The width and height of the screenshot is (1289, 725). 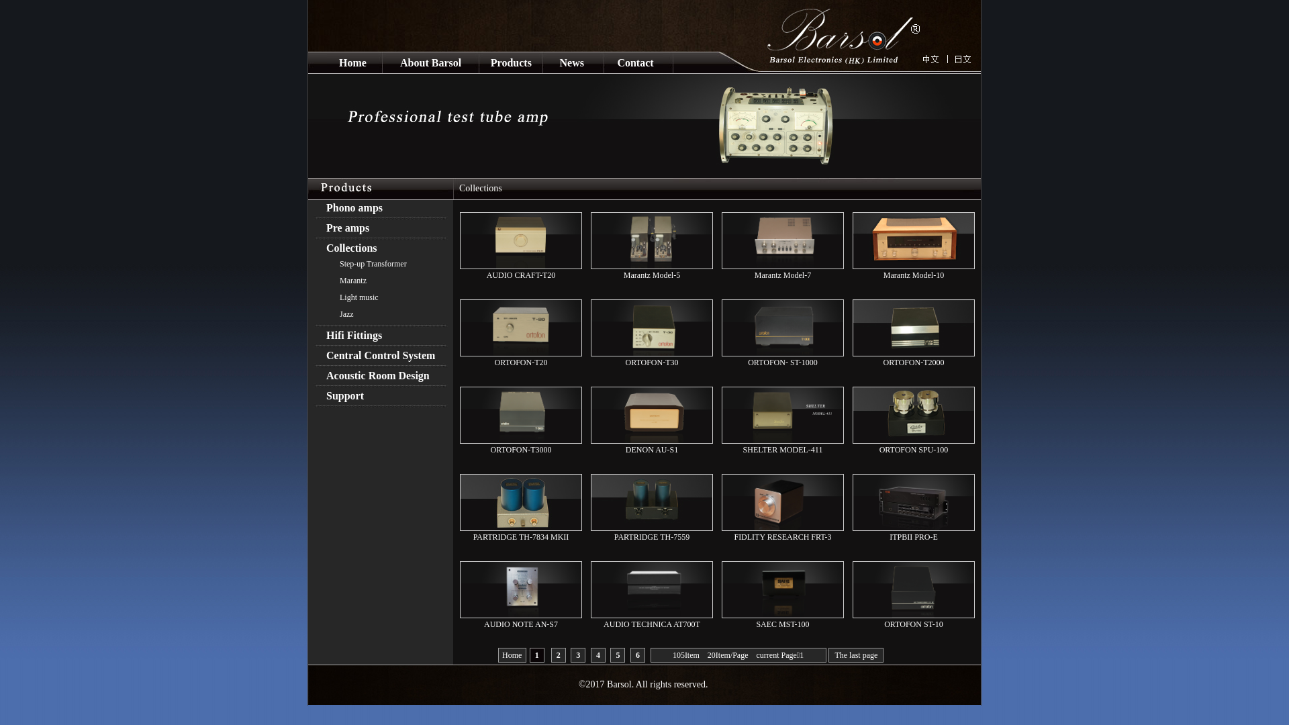 I want to click on 'SHELTER MODEL-411', so click(x=783, y=450).